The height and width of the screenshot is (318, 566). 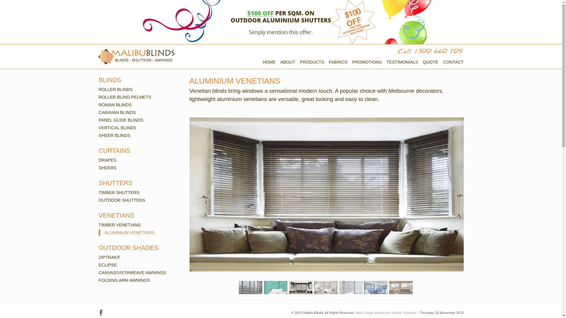 I want to click on 'CARAVAN BLINDS', so click(x=139, y=112).